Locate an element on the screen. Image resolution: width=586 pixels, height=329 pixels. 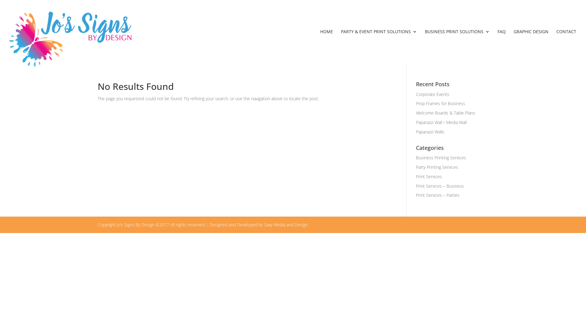
'Paparazzi Wall / Media Wall' is located at coordinates (441, 122).